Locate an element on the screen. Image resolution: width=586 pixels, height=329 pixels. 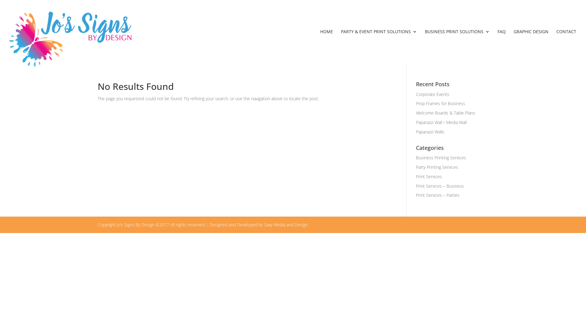
'Paparazzi Wall / Media Wall' is located at coordinates (441, 122).